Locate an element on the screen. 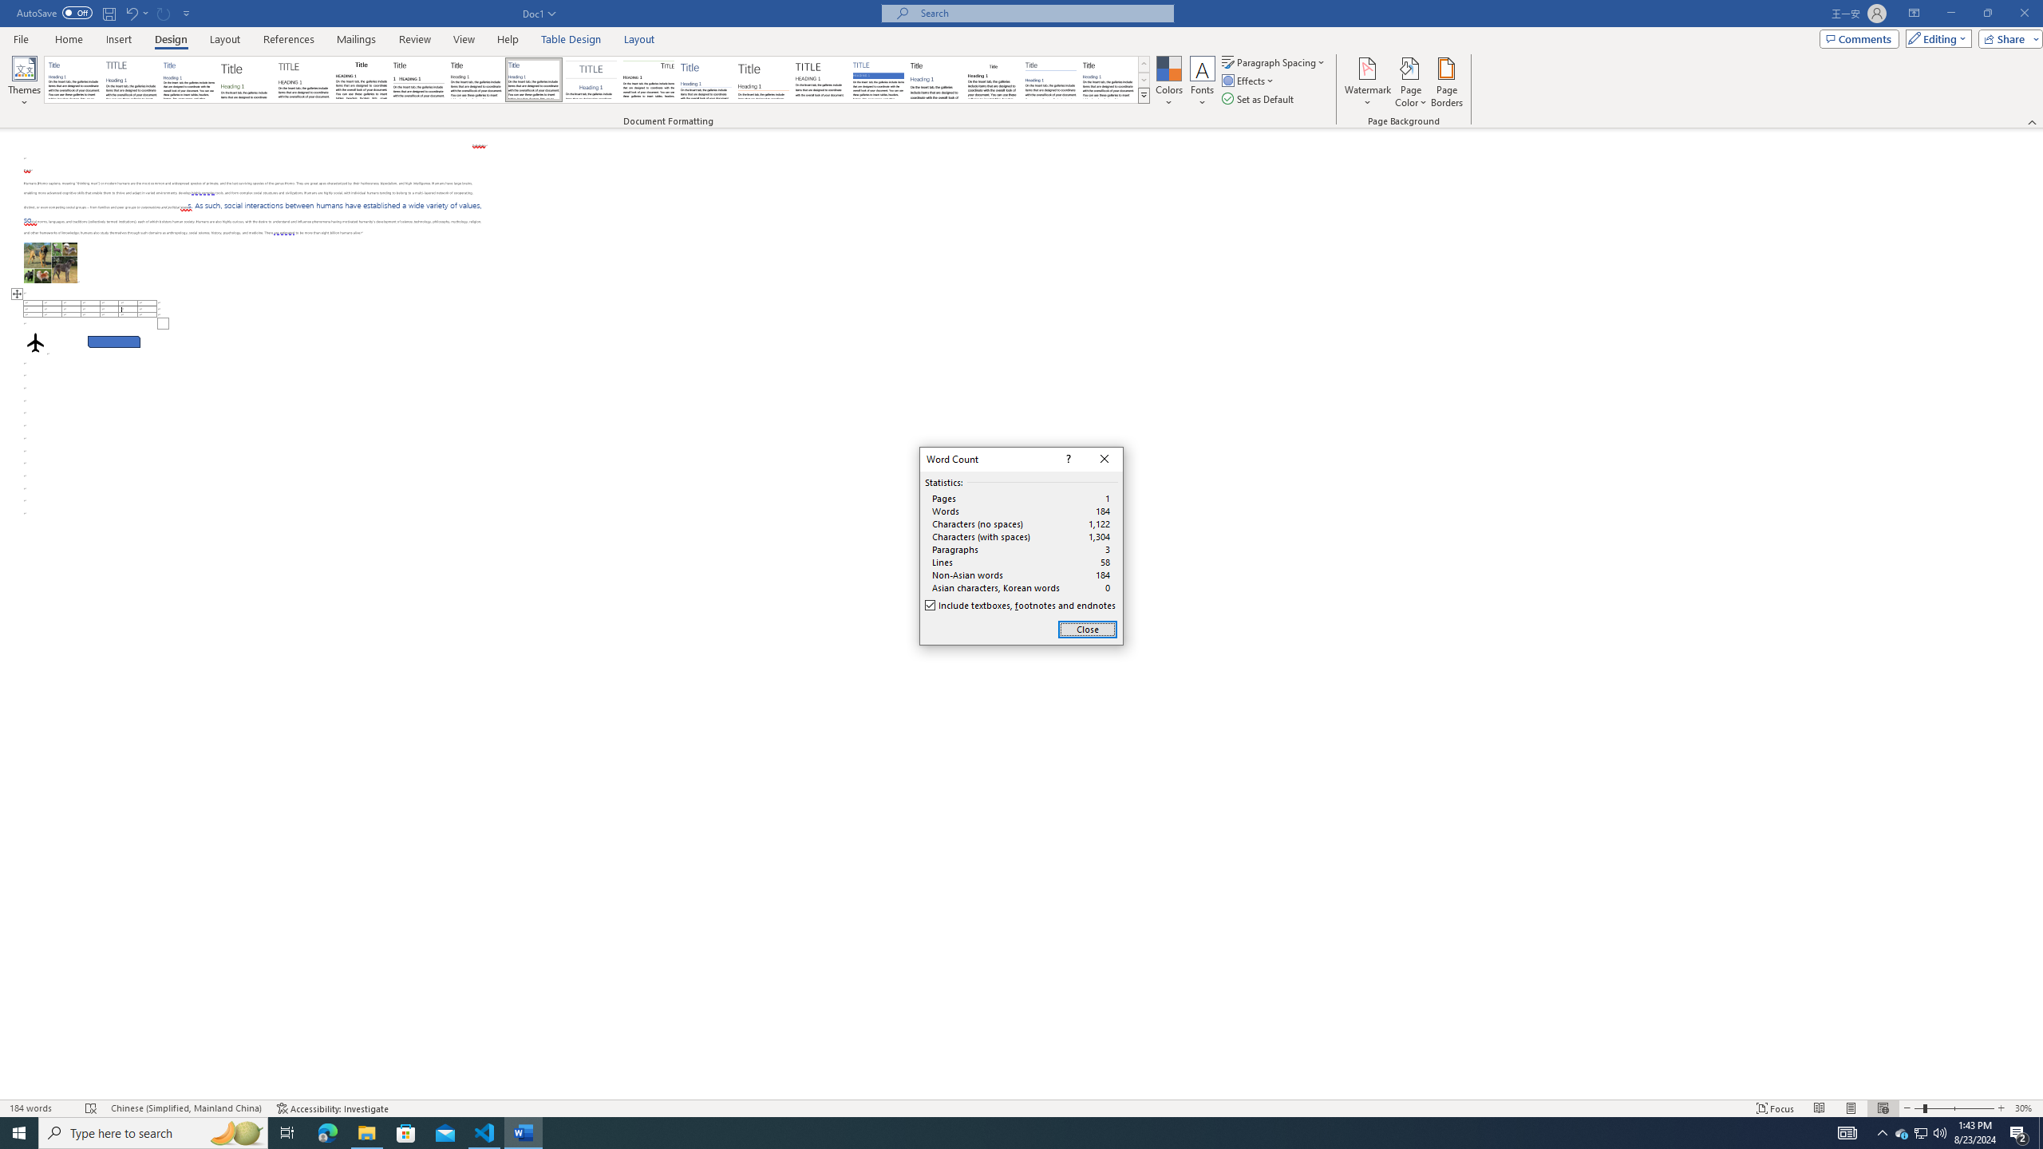  'Paragraph Spacing' is located at coordinates (1274, 61).